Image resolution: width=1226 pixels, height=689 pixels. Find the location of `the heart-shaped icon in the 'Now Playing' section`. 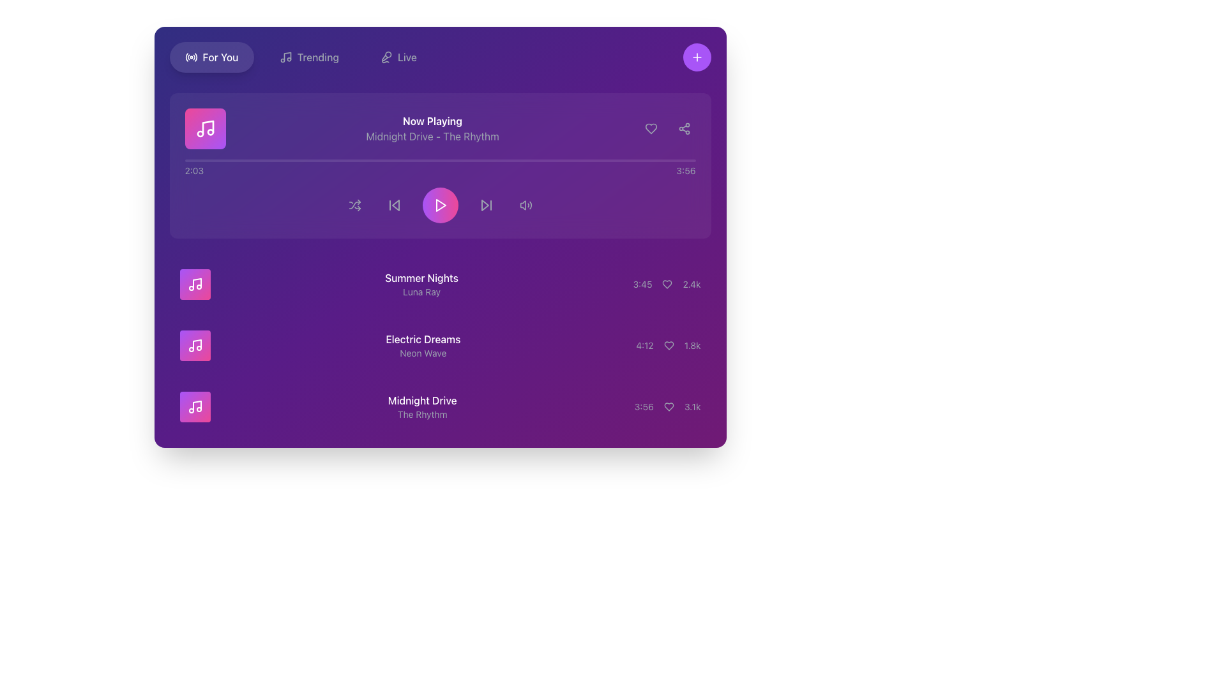

the heart-shaped icon in the 'Now Playing' section is located at coordinates (651, 128).